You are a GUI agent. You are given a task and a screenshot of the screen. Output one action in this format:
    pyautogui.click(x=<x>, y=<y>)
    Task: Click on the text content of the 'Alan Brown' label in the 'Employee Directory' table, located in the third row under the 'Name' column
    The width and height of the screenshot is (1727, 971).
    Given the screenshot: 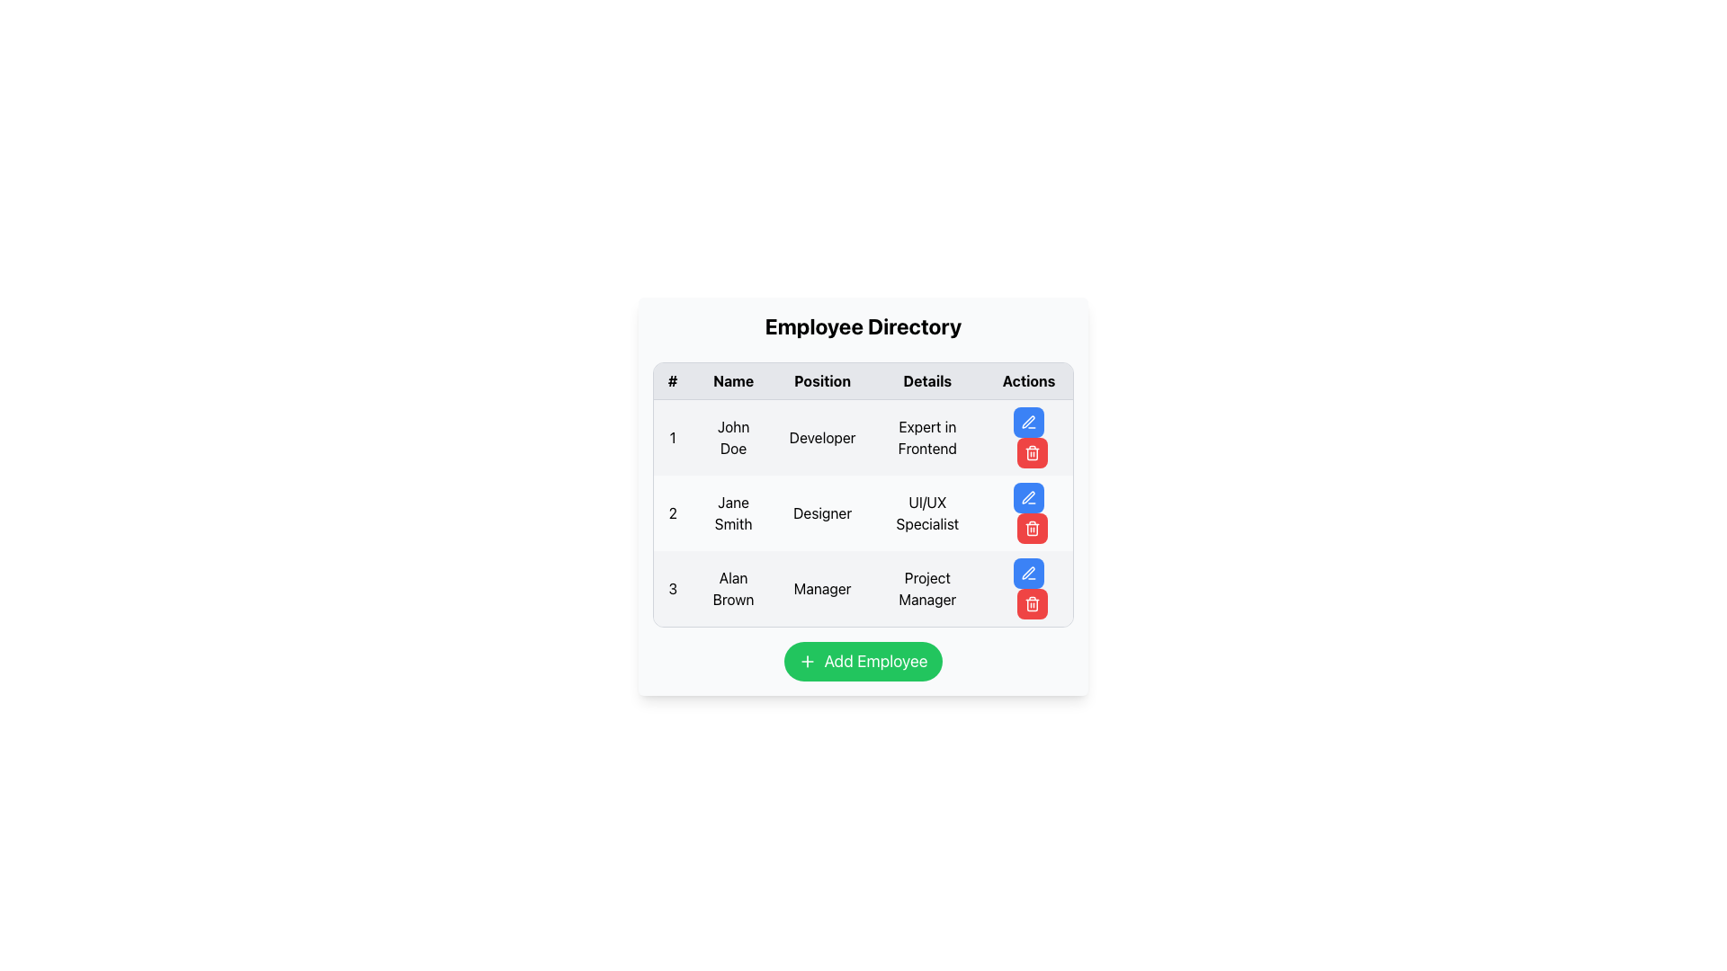 What is the action you would take?
    pyautogui.click(x=733, y=589)
    